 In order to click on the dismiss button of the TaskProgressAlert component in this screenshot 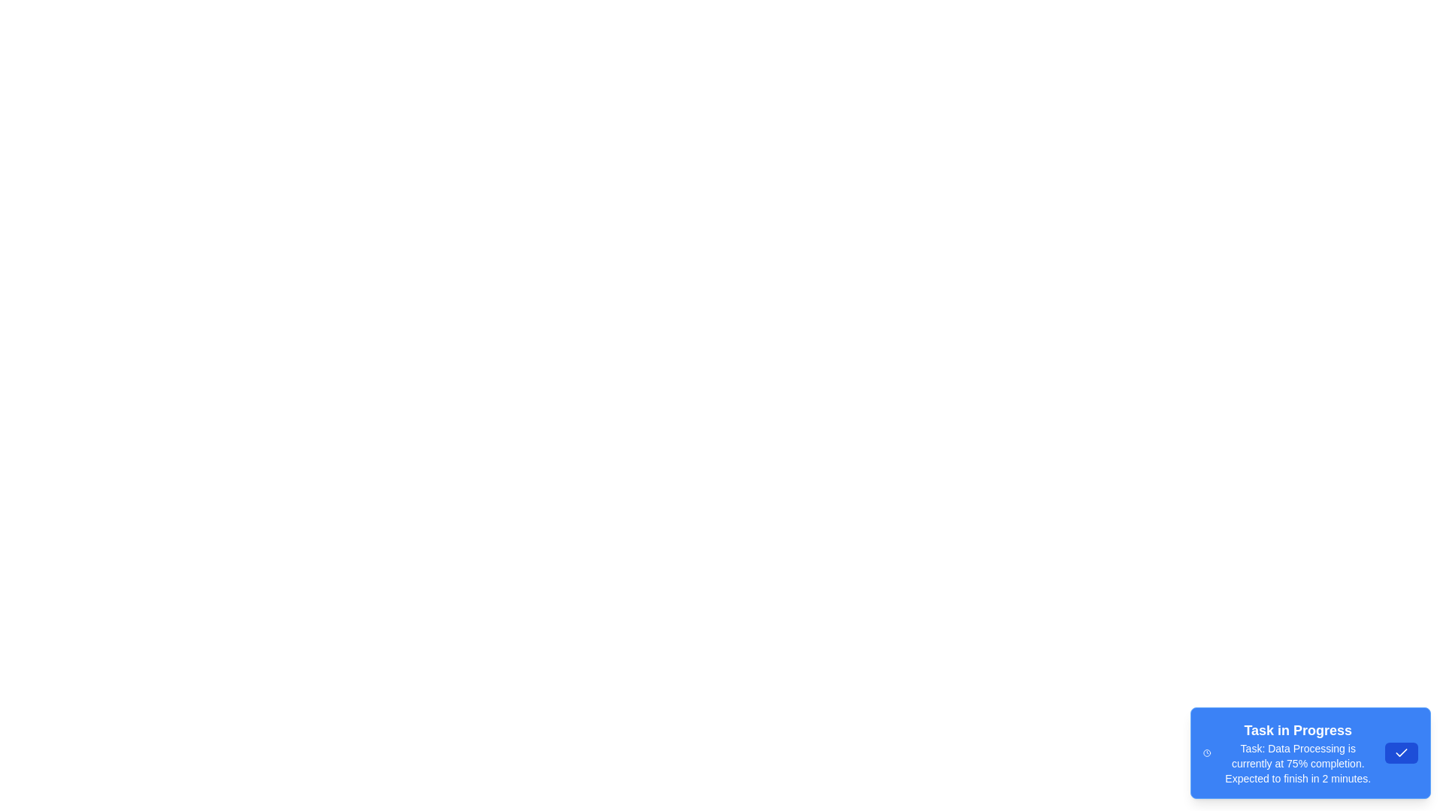, I will do `click(1401, 752)`.